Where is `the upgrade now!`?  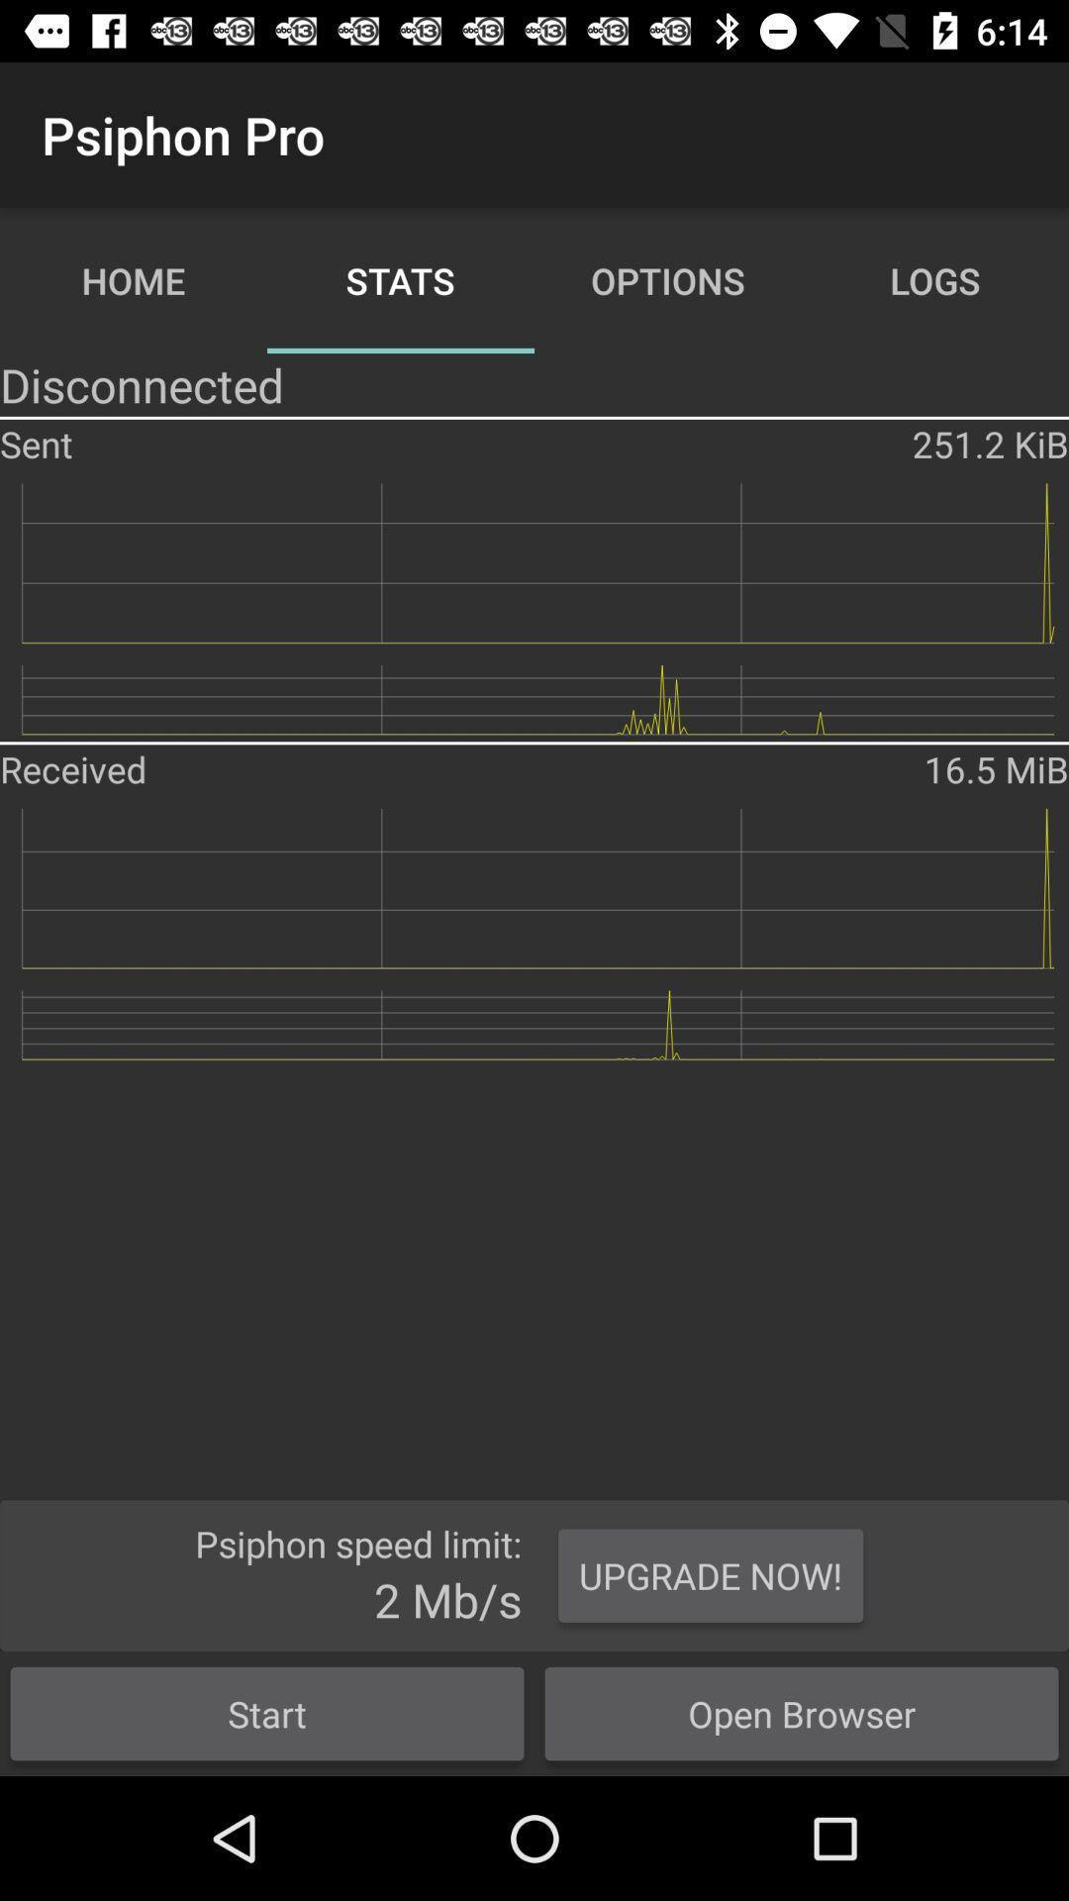 the upgrade now! is located at coordinates (710, 1574).